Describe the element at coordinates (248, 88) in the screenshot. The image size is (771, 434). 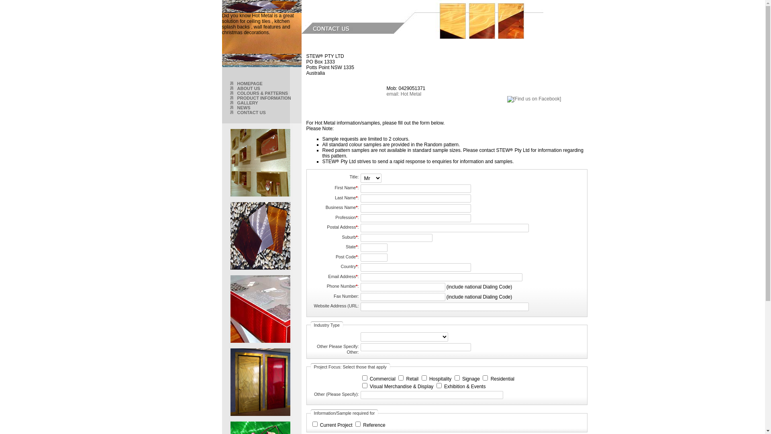
I see `'ABOUT US'` at that location.